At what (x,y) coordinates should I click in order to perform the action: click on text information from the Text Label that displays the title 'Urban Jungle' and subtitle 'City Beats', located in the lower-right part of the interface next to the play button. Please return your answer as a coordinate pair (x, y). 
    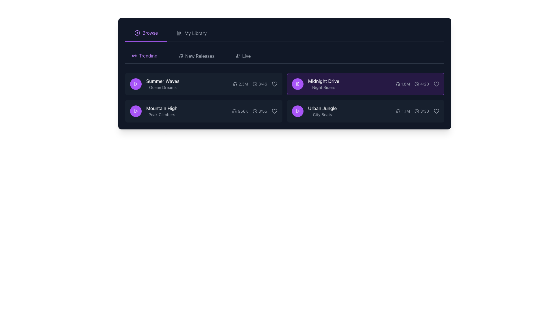
    Looking at the image, I should click on (322, 111).